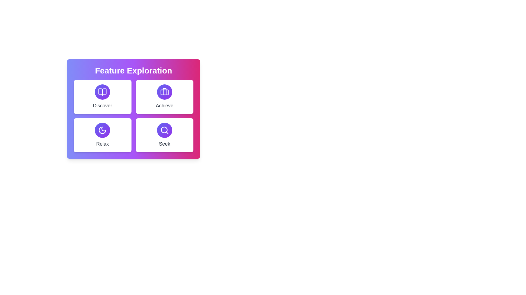  What do you see at coordinates (164, 105) in the screenshot?
I see `text label located directly below the purple circular icon with the briefcase symbol in the upper-right cell of the 2x2 grid within the 'Feature Exploration' module` at bounding box center [164, 105].